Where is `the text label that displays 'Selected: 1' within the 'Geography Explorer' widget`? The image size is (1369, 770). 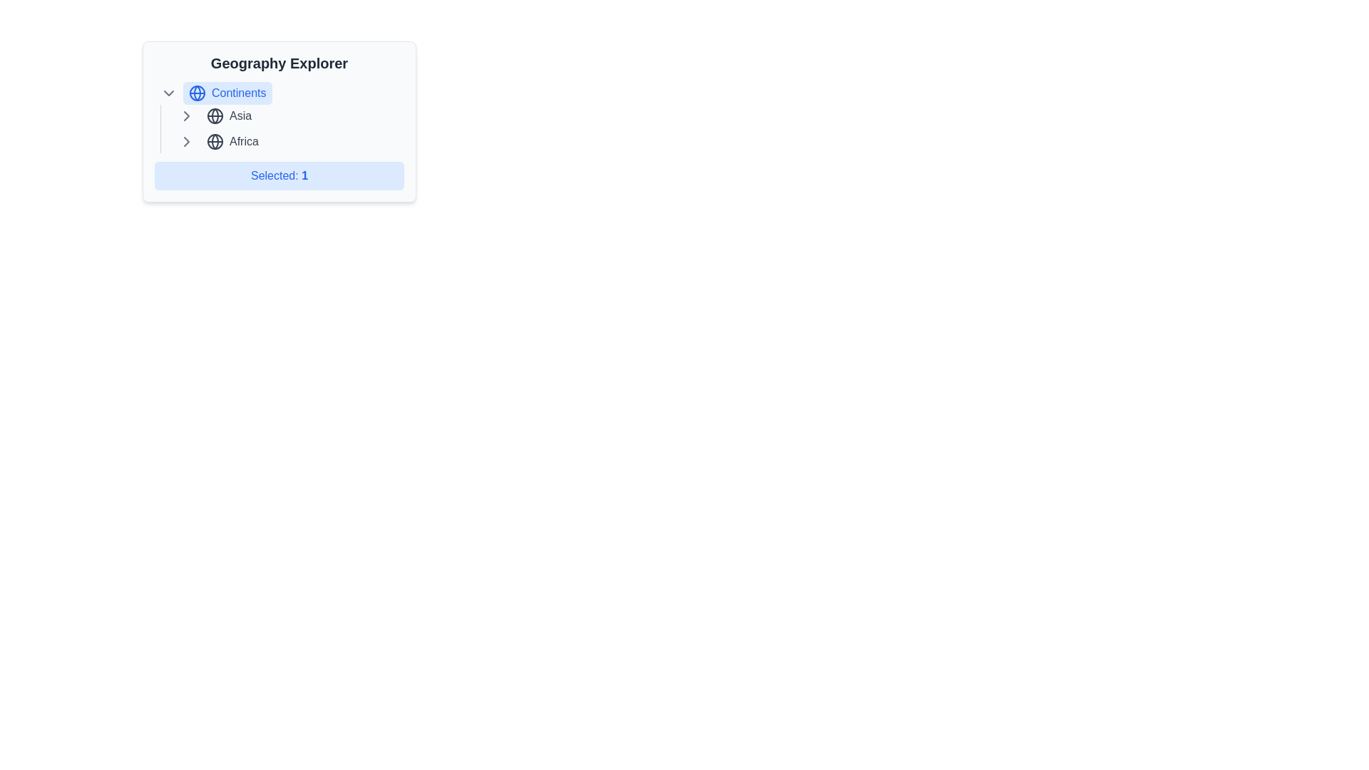 the text label that displays 'Selected: 1' within the 'Geography Explorer' widget is located at coordinates (304, 175).